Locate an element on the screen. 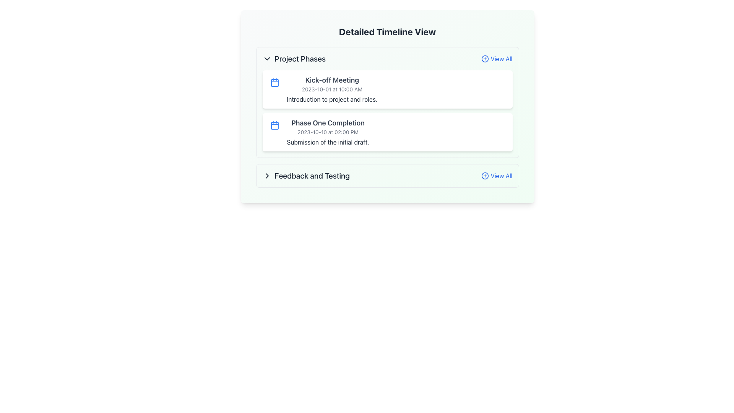  the Text Label that displays the title or subject of the second project phase in the timeline under the 'Project Phases' section is located at coordinates (328, 122).